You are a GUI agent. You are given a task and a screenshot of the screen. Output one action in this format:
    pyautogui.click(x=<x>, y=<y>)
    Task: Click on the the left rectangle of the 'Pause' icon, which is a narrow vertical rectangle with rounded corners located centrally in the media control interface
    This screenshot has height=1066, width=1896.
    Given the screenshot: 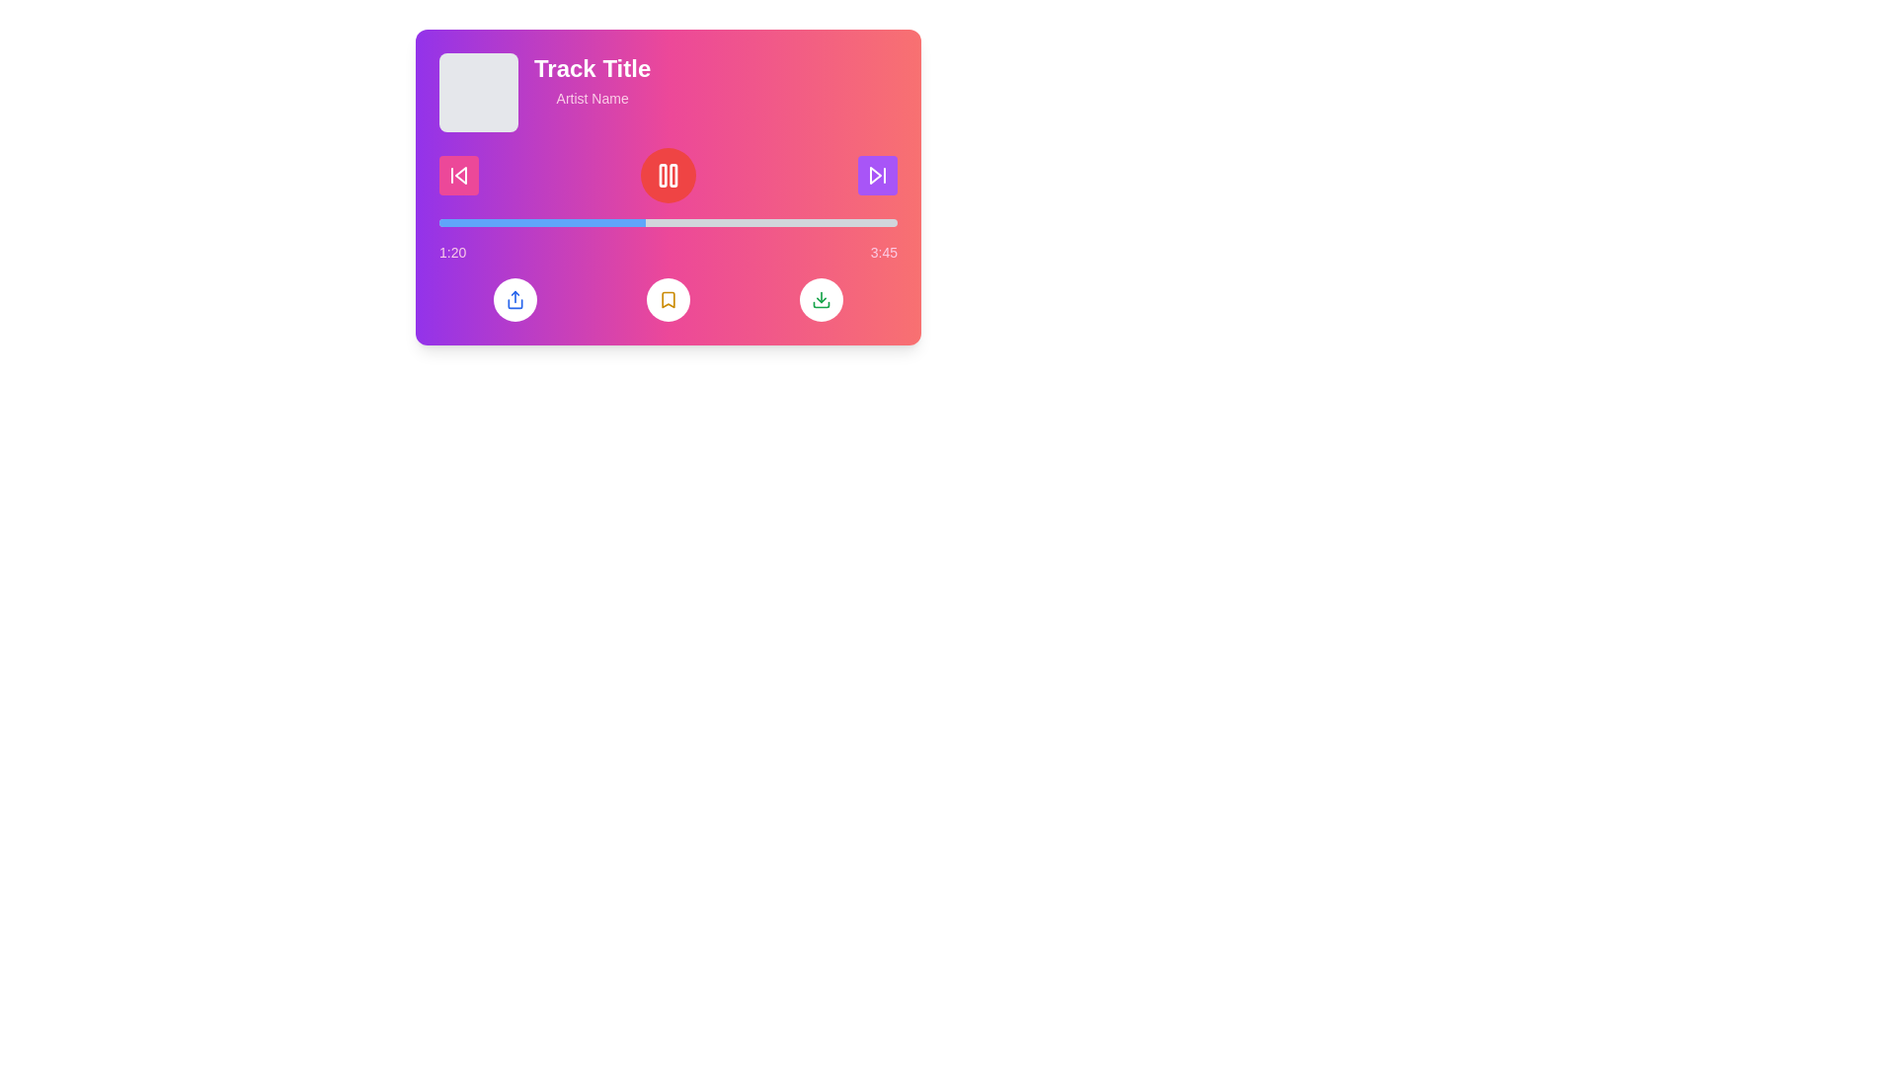 What is the action you would take?
    pyautogui.click(x=663, y=174)
    